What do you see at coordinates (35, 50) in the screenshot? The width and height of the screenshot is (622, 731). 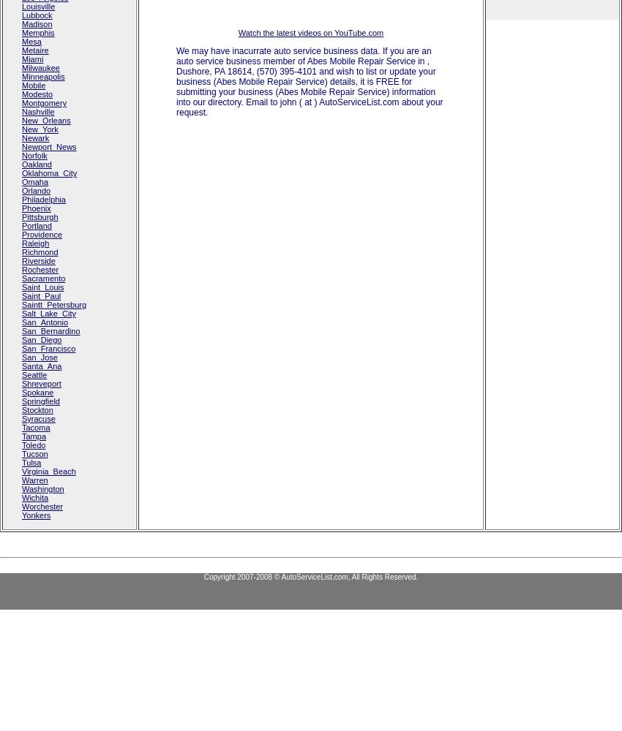 I see `'Metaire'` at bounding box center [35, 50].